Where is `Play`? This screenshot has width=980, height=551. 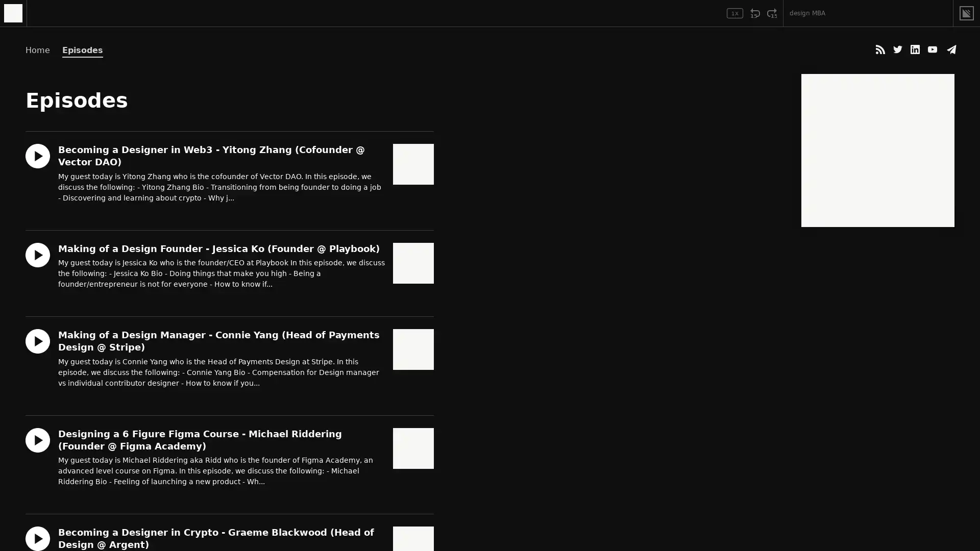 Play is located at coordinates (37, 156).